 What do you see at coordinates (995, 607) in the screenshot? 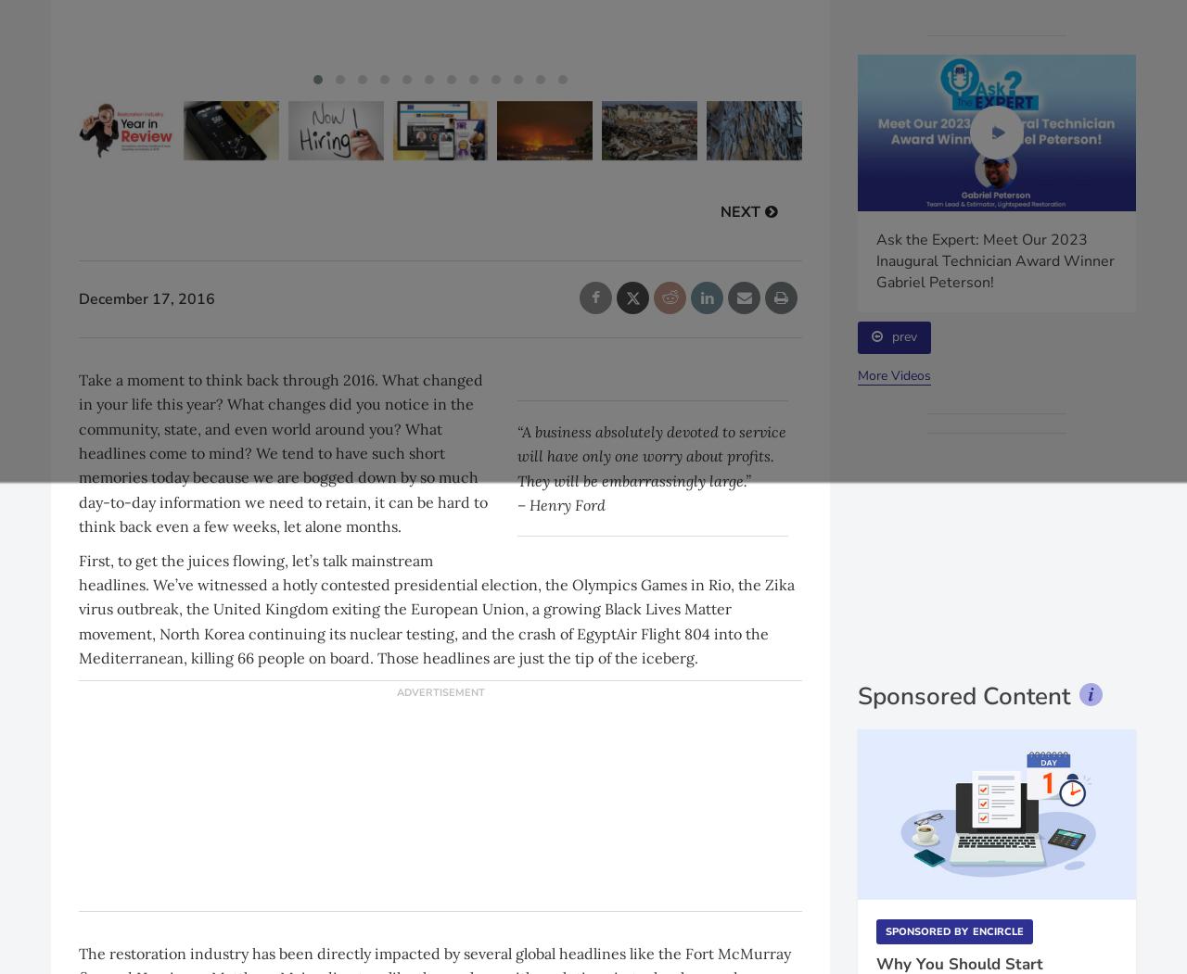
I see `'Contact your local rep'` at bounding box center [995, 607].